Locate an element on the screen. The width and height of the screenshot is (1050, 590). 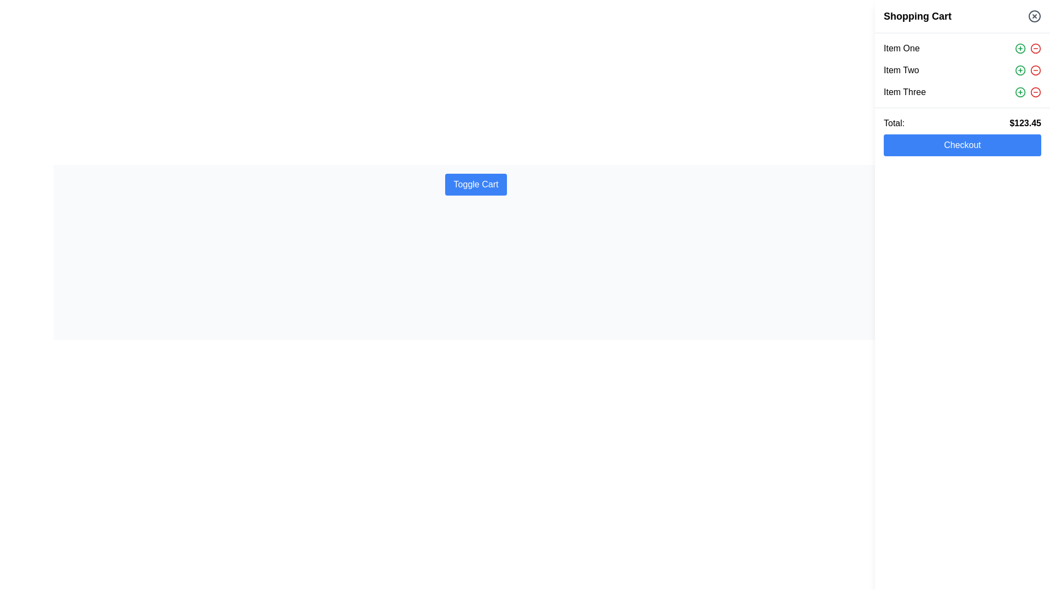
the 'plus-circle' icon located at the top right of the item's row for 'Item One' in the shopping cart interface is located at coordinates (1020, 48).